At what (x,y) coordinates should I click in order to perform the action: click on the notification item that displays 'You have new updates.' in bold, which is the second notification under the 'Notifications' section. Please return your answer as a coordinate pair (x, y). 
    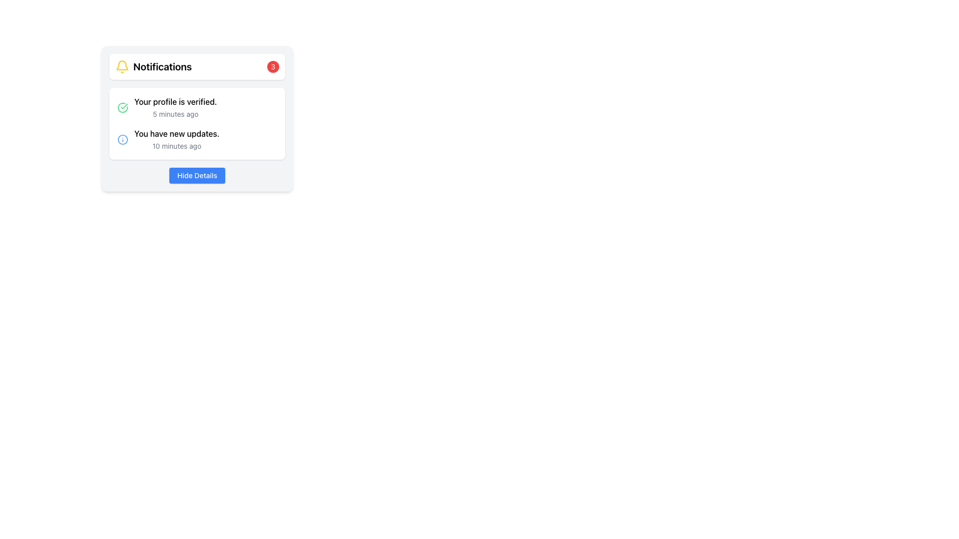
    Looking at the image, I should click on (197, 140).